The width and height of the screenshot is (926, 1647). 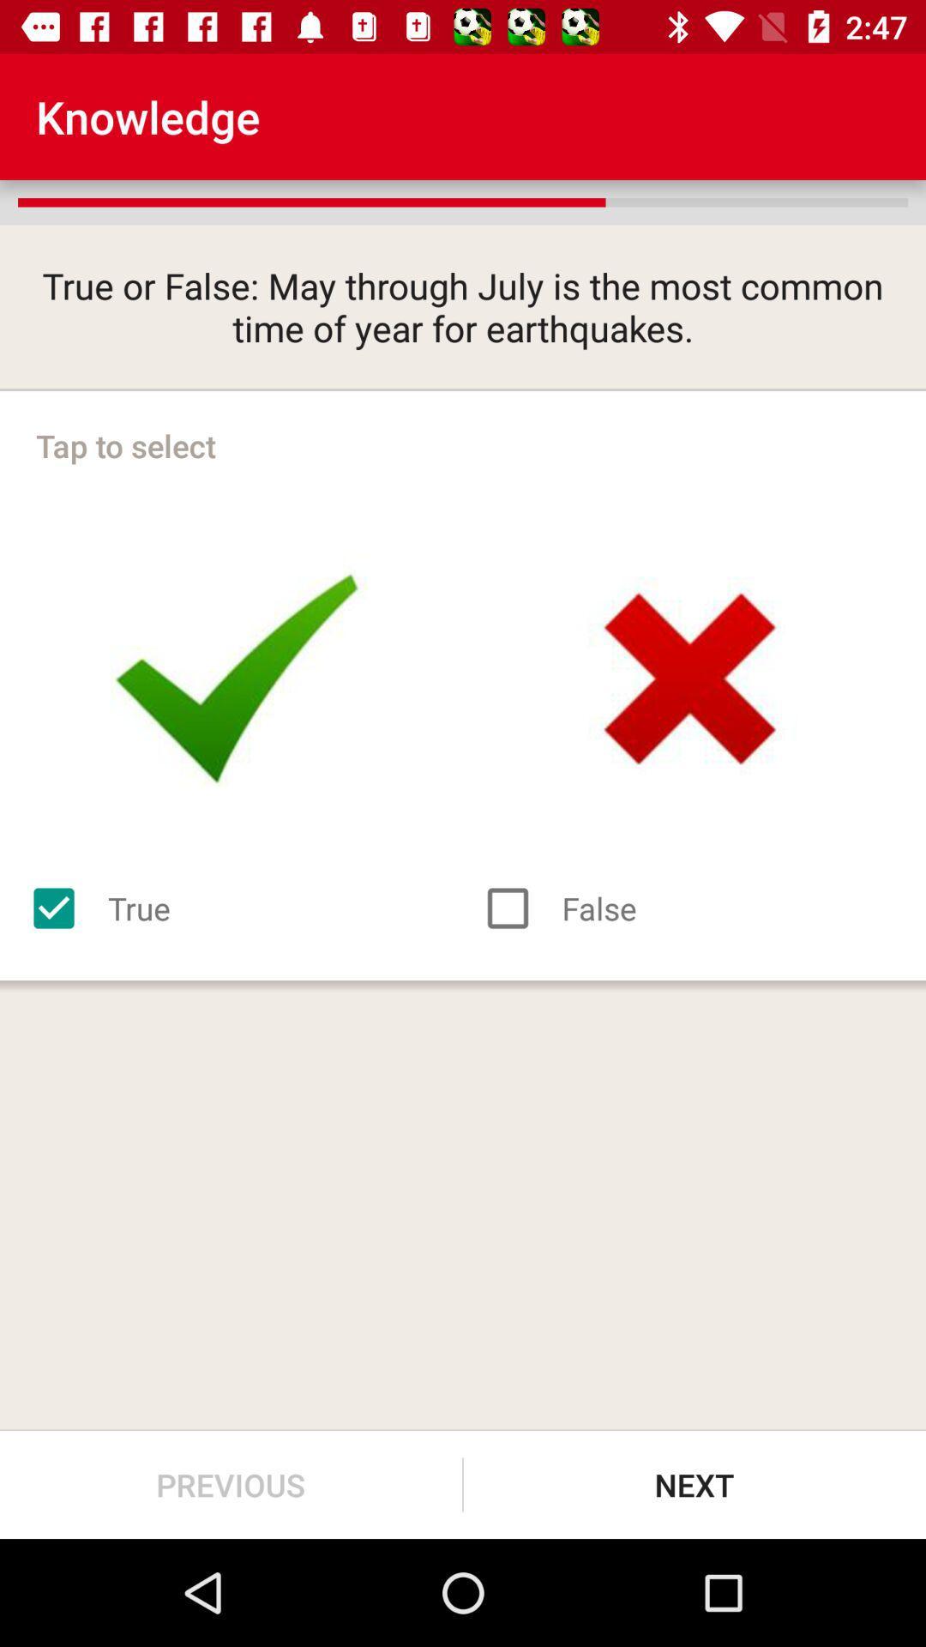 I want to click on next item, so click(x=694, y=1484).